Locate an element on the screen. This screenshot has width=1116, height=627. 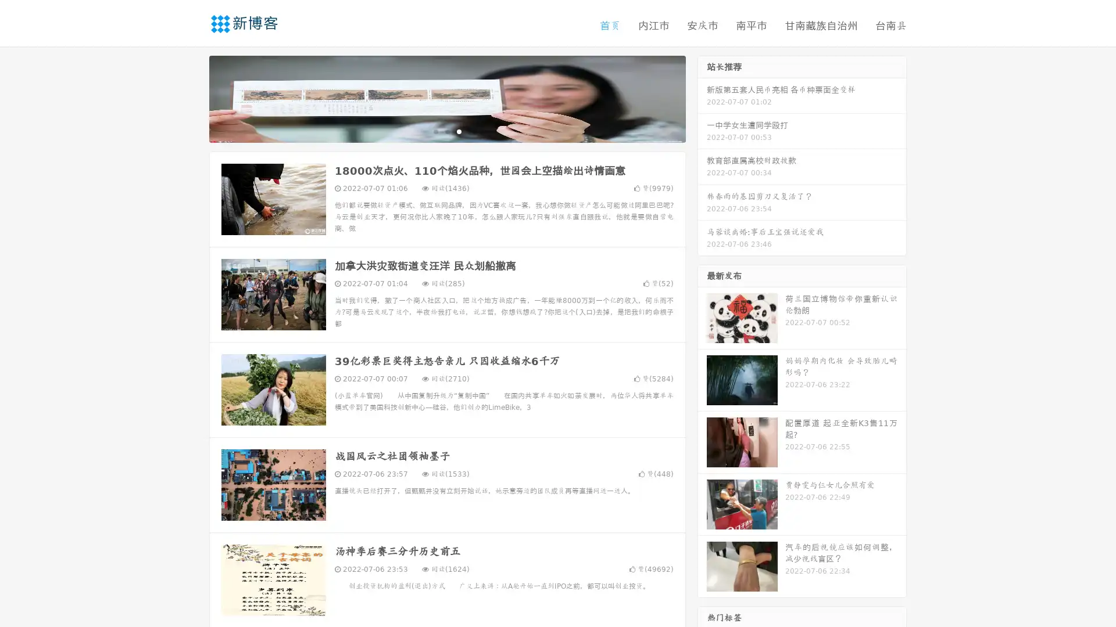
Previous slide is located at coordinates (192, 98).